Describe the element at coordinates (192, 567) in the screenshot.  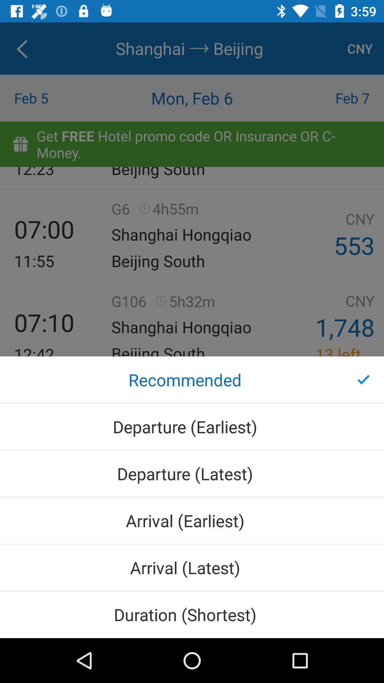
I see `icon below arrival (earliest) icon` at that location.